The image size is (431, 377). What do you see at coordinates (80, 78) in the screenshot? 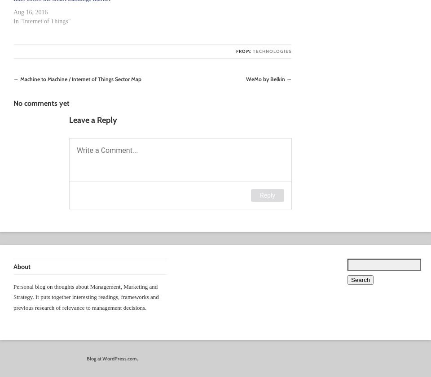
I see `'Machine to Machine / Internet of Things Sector Map'` at bounding box center [80, 78].